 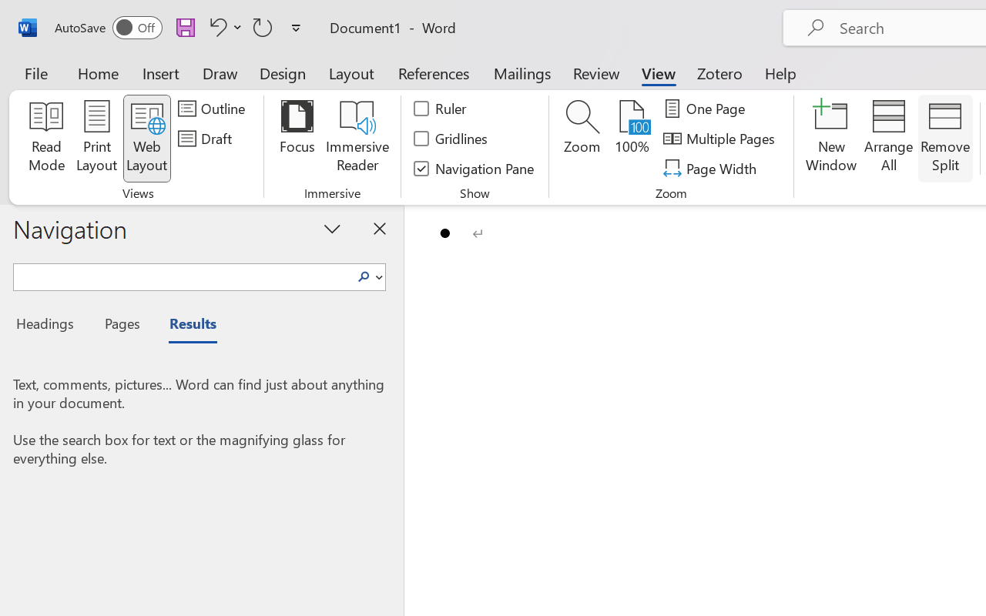 I want to click on 'New Window', so click(x=830, y=138).